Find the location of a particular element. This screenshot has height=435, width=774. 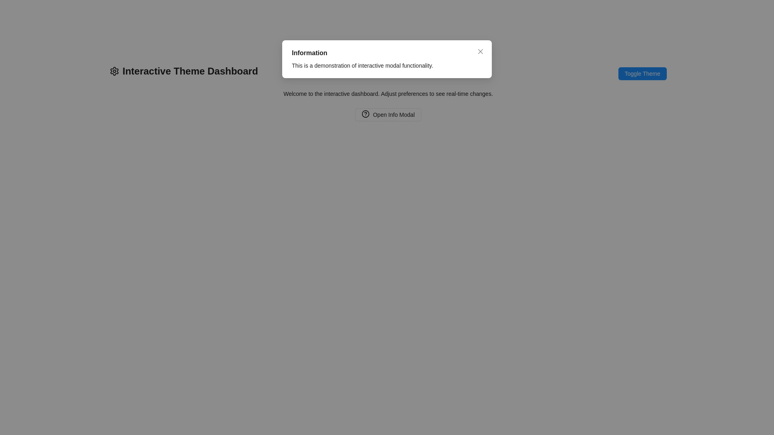

the button labeled 'Open Info Modal' that has a dashed border and a circular icon on its left side is located at coordinates (393, 115).